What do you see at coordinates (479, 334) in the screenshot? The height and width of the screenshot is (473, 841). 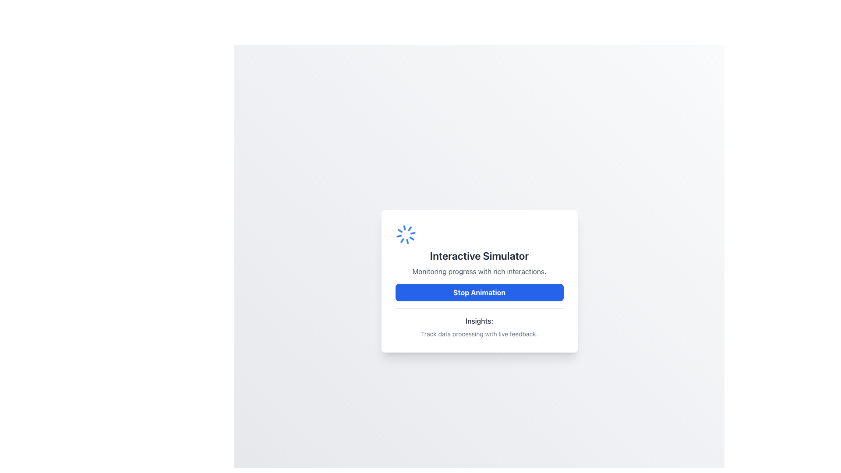 I see `the text snippet that reads 'Track data processing with live feedback.' by navigating with the keyboard` at bounding box center [479, 334].